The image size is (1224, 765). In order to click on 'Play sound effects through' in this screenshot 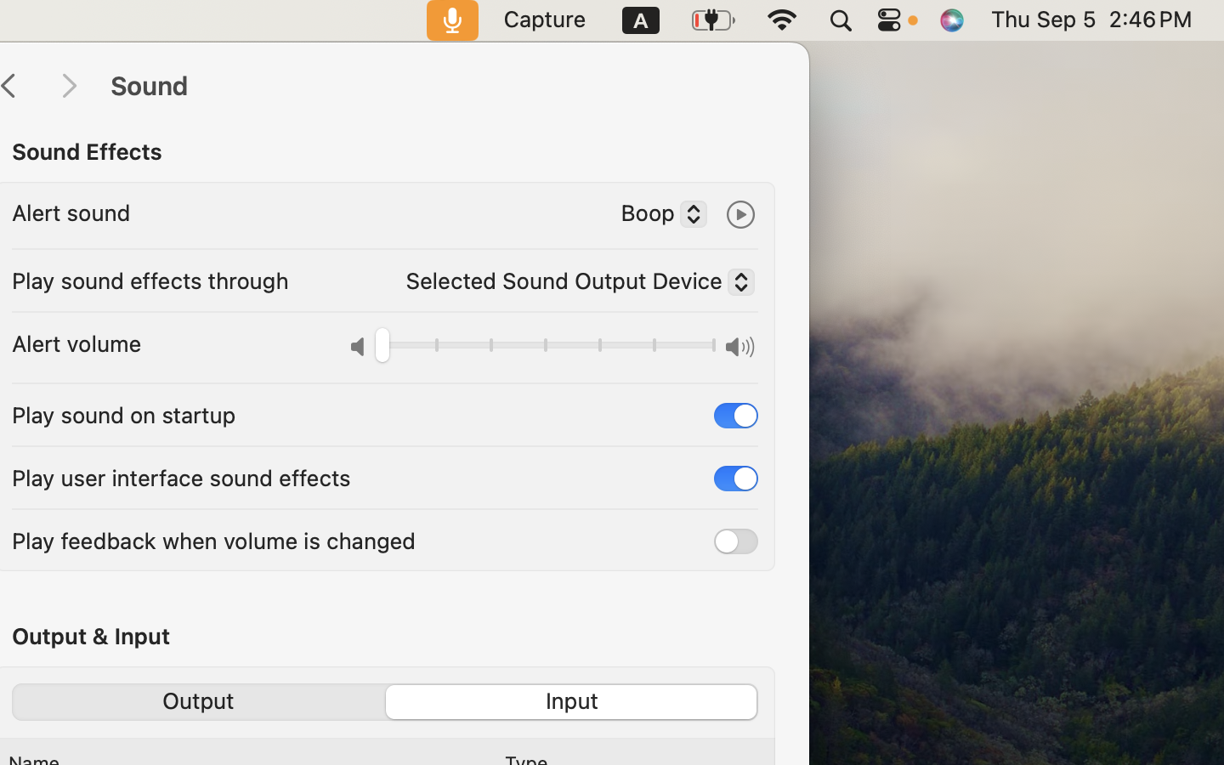, I will do `click(149, 280)`.